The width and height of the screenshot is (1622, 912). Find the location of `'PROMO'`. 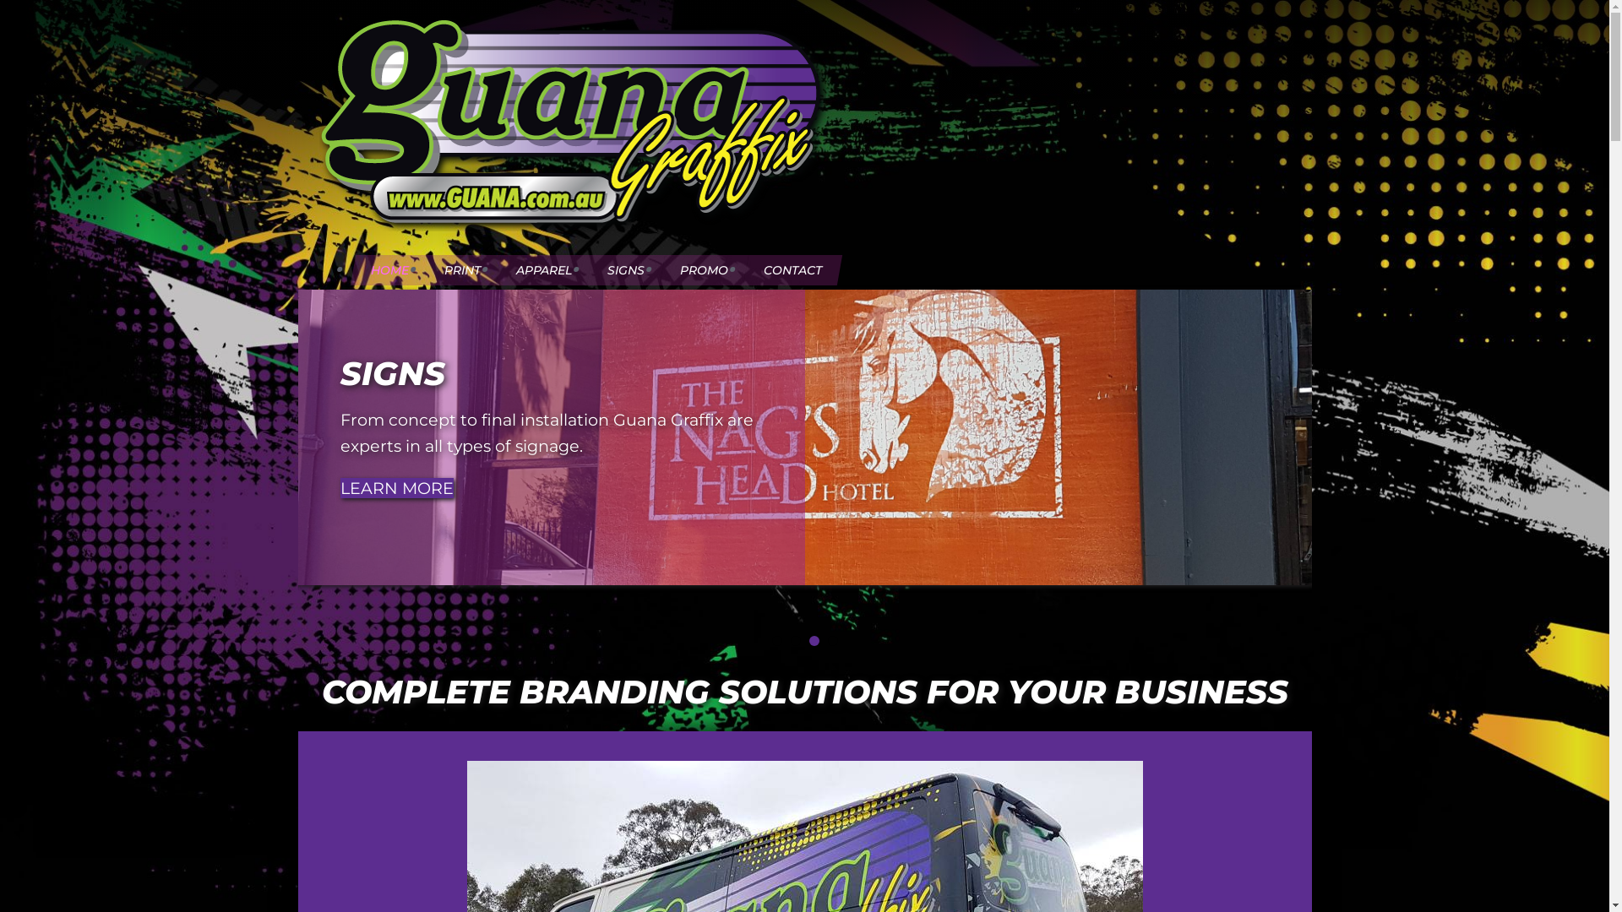

'PROMO' is located at coordinates (704, 269).